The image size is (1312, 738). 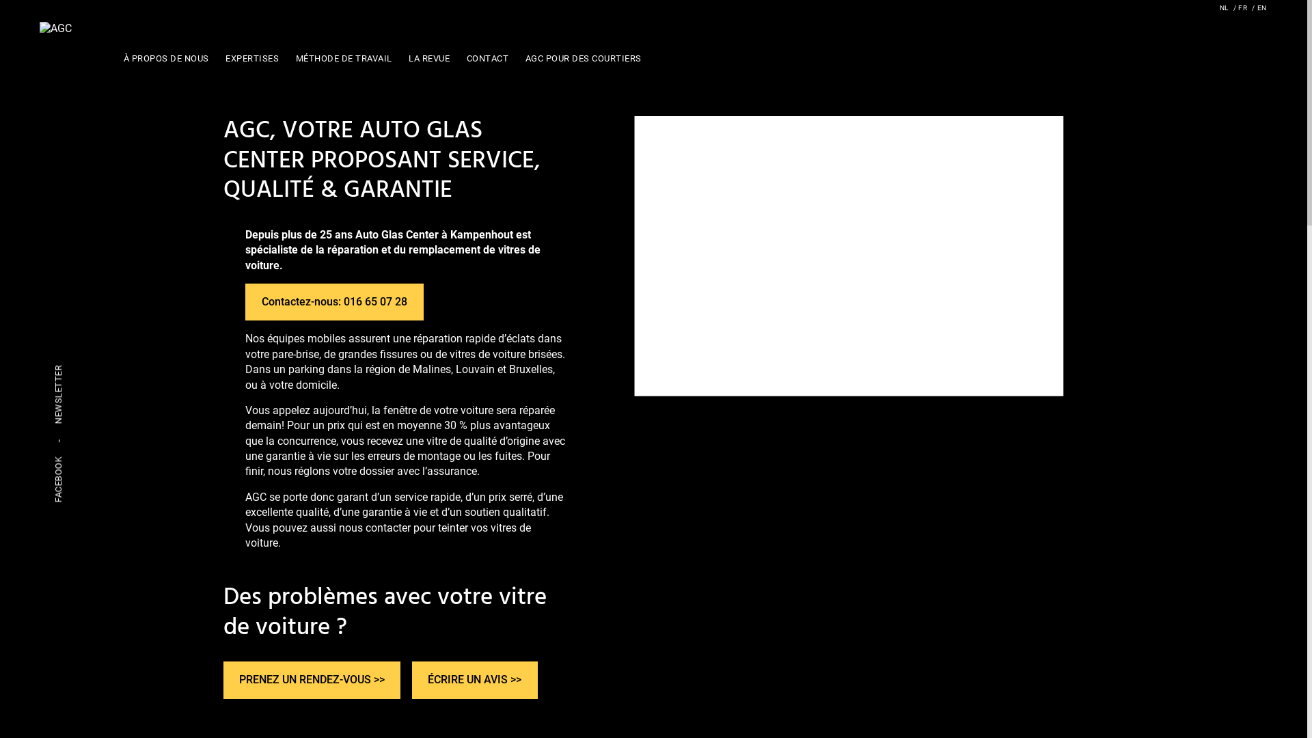 What do you see at coordinates (1223, 8) in the screenshot?
I see `'NL'` at bounding box center [1223, 8].